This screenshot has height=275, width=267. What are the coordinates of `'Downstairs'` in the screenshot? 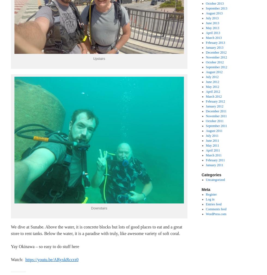 It's located at (91, 208).